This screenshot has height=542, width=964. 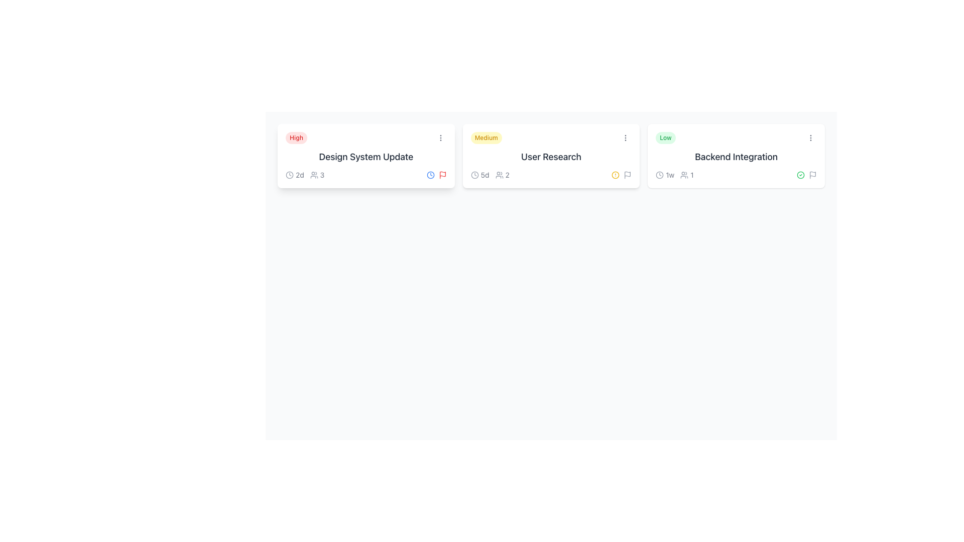 I want to click on the time indicator text element that shows how long ago an action occurred, located to the right of the clock icon in the 'Design System Update' task card, so click(x=299, y=174).